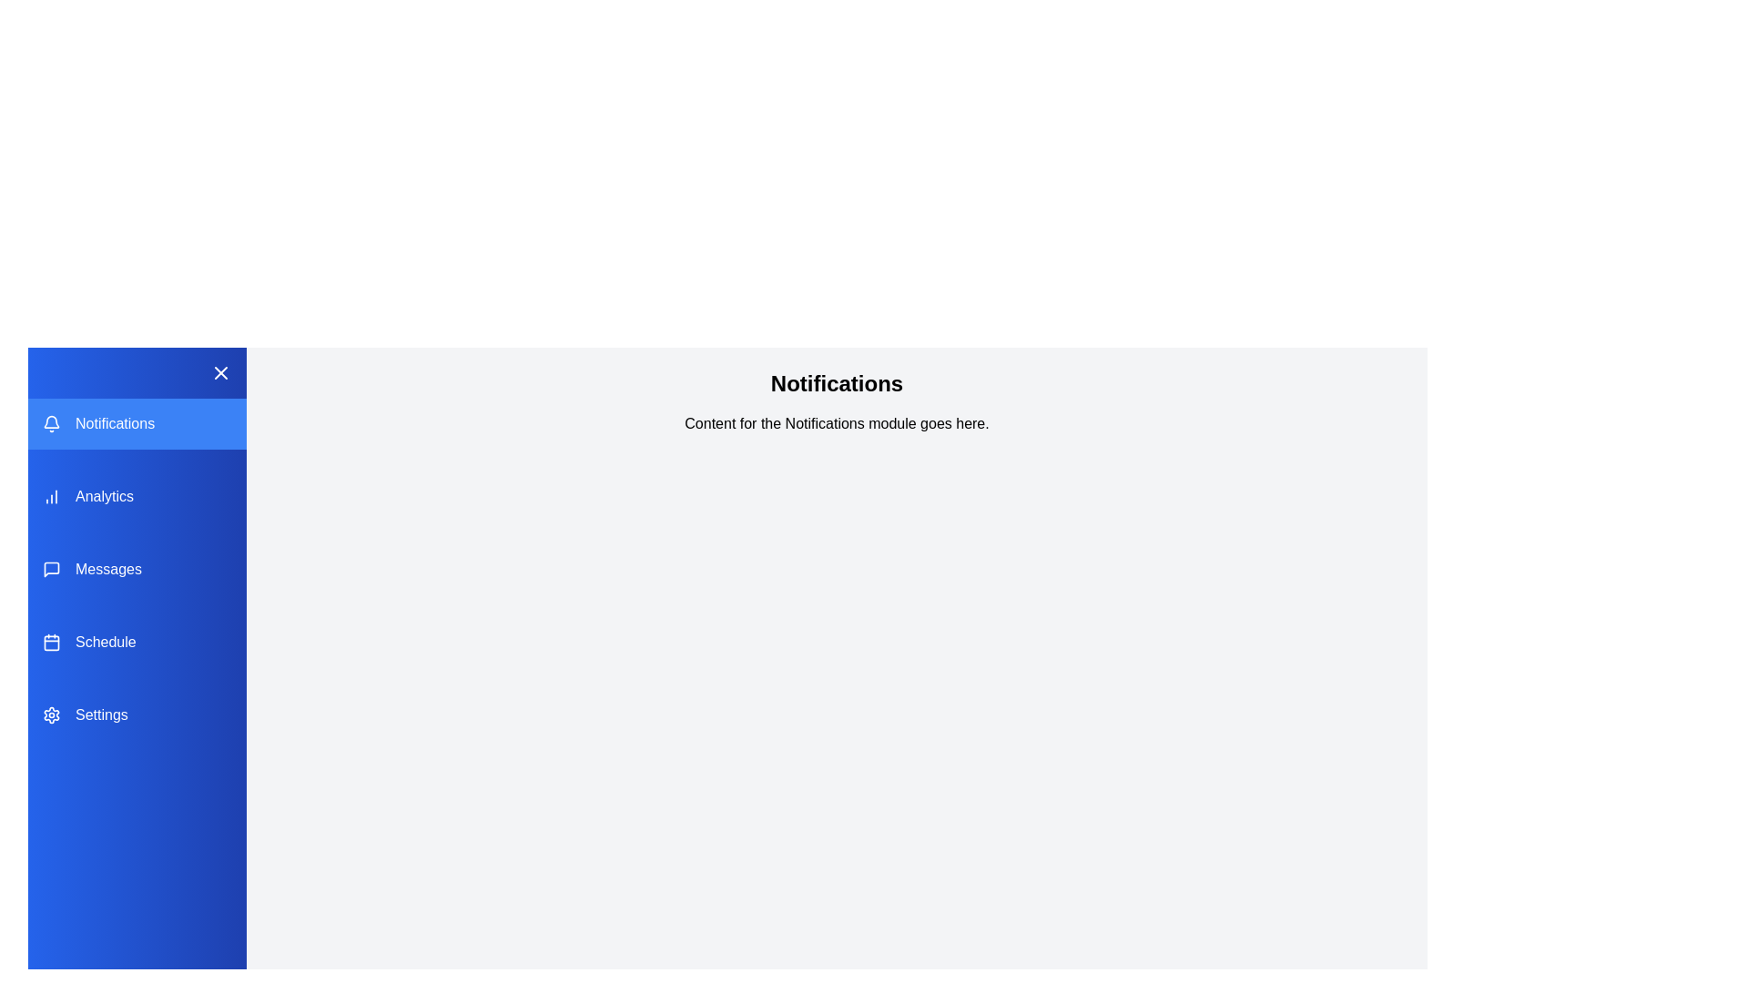 The height and width of the screenshot is (983, 1748). What do you see at coordinates (136, 424) in the screenshot?
I see `the module Notifications from the sidebar` at bounding box center [136, 424].